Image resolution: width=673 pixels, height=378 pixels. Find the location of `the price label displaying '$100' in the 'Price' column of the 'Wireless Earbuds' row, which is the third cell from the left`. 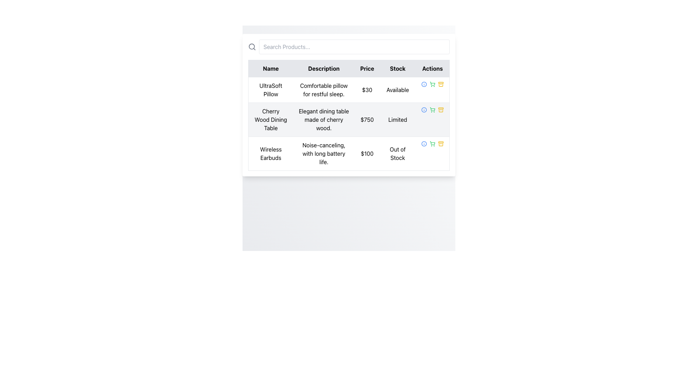

the price label displaying '$100' in the 'Price' column of the 'Wireless Earbuds' row, which is the third cell from the left is located at coordinates (367, 153).